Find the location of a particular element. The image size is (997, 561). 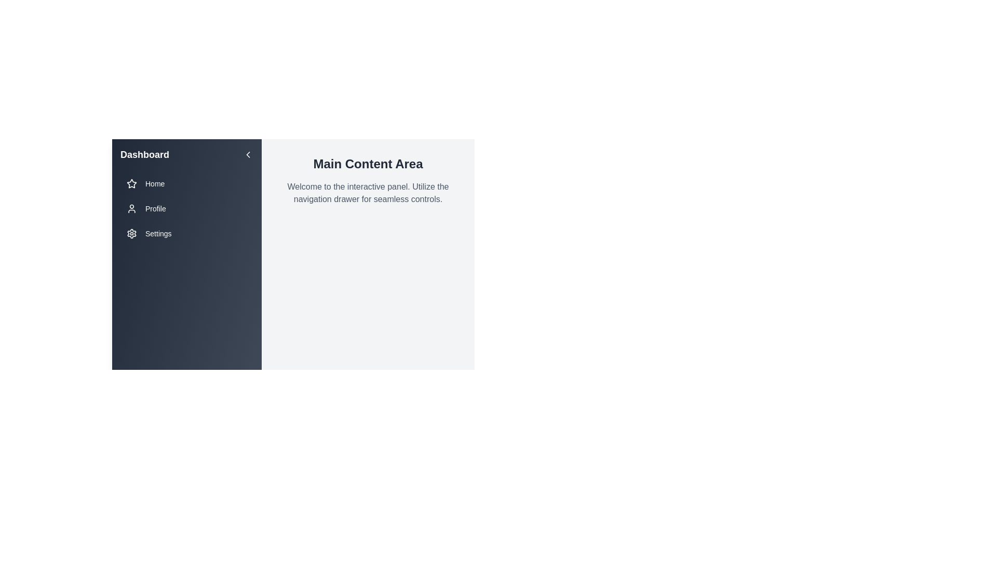

the 'Profile' list item in the left-side navigation bar is located at coordinates (187, 208).